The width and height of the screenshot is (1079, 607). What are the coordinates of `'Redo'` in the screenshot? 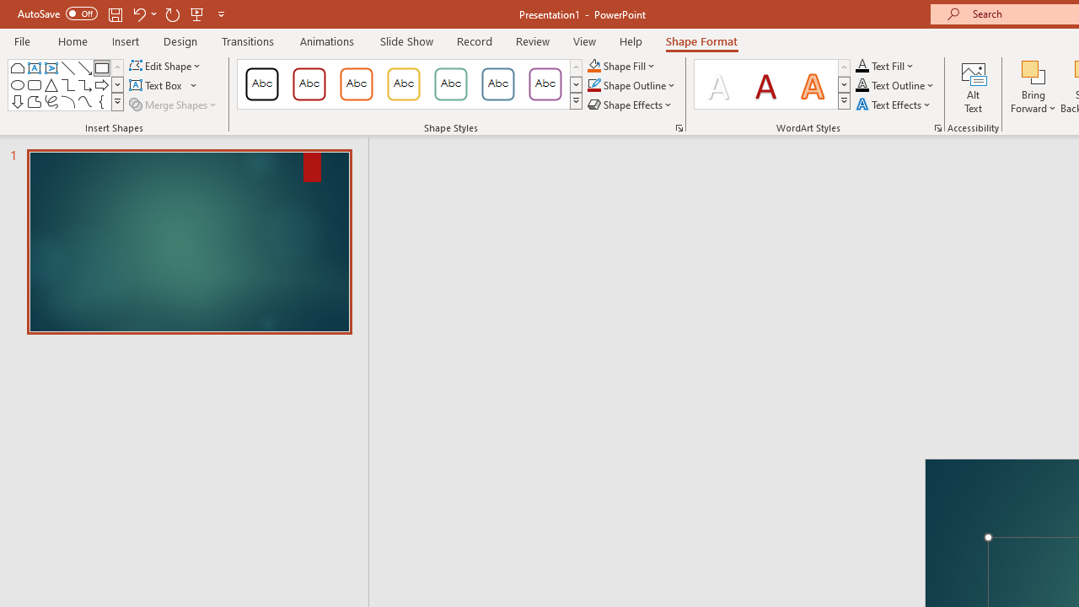 It's located at (172, 13).